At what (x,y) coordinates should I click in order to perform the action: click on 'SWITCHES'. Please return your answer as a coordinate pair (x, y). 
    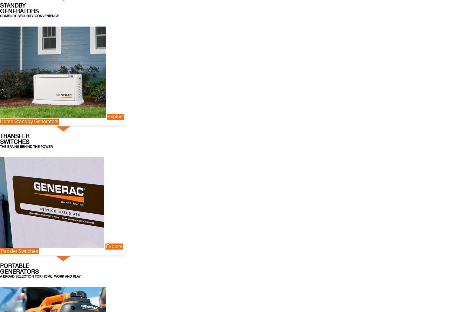
    Looking at the image, I should click on (15, 142).